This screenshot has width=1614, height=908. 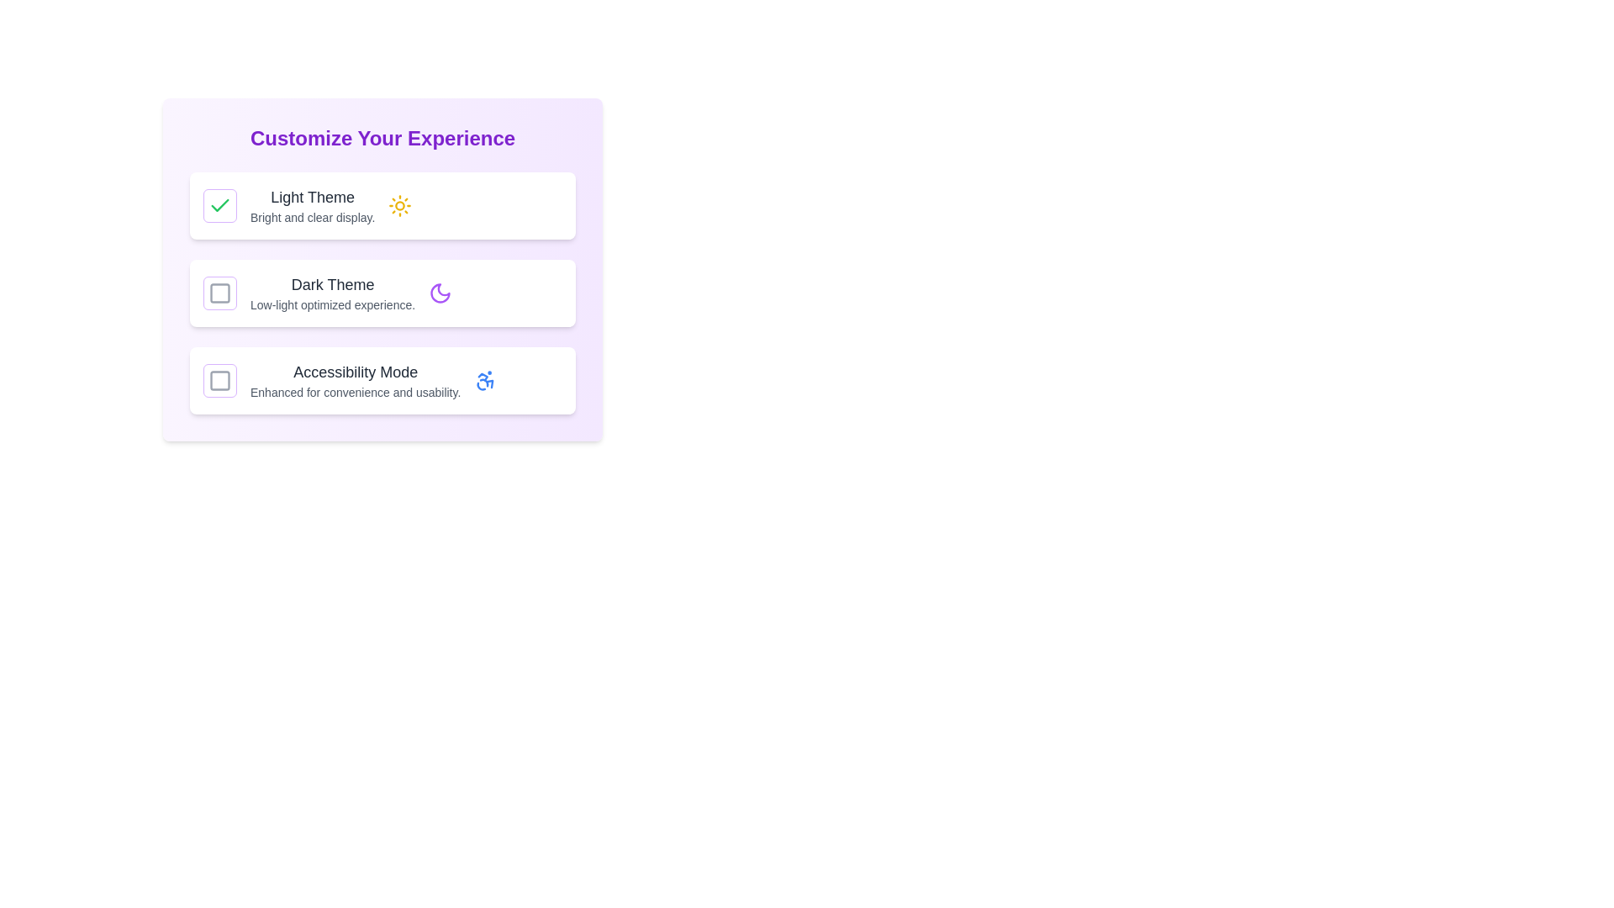 I want to click on the central circular element of the sun icon located to the right of the 'Light Theme' text in the 'Customize Your Experience' section, so click(x=399, y=205).